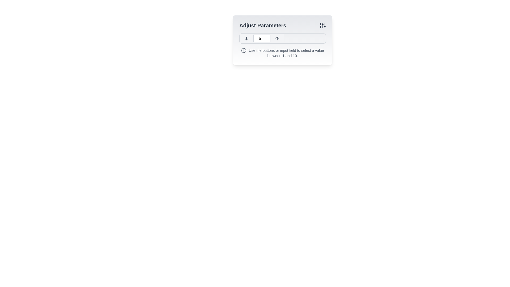 This screenshot has height=287, width=510. I want to click on the increment arrow button icon located on the right side of the control panel to potentially reveal more details or states, so click(277, 38).